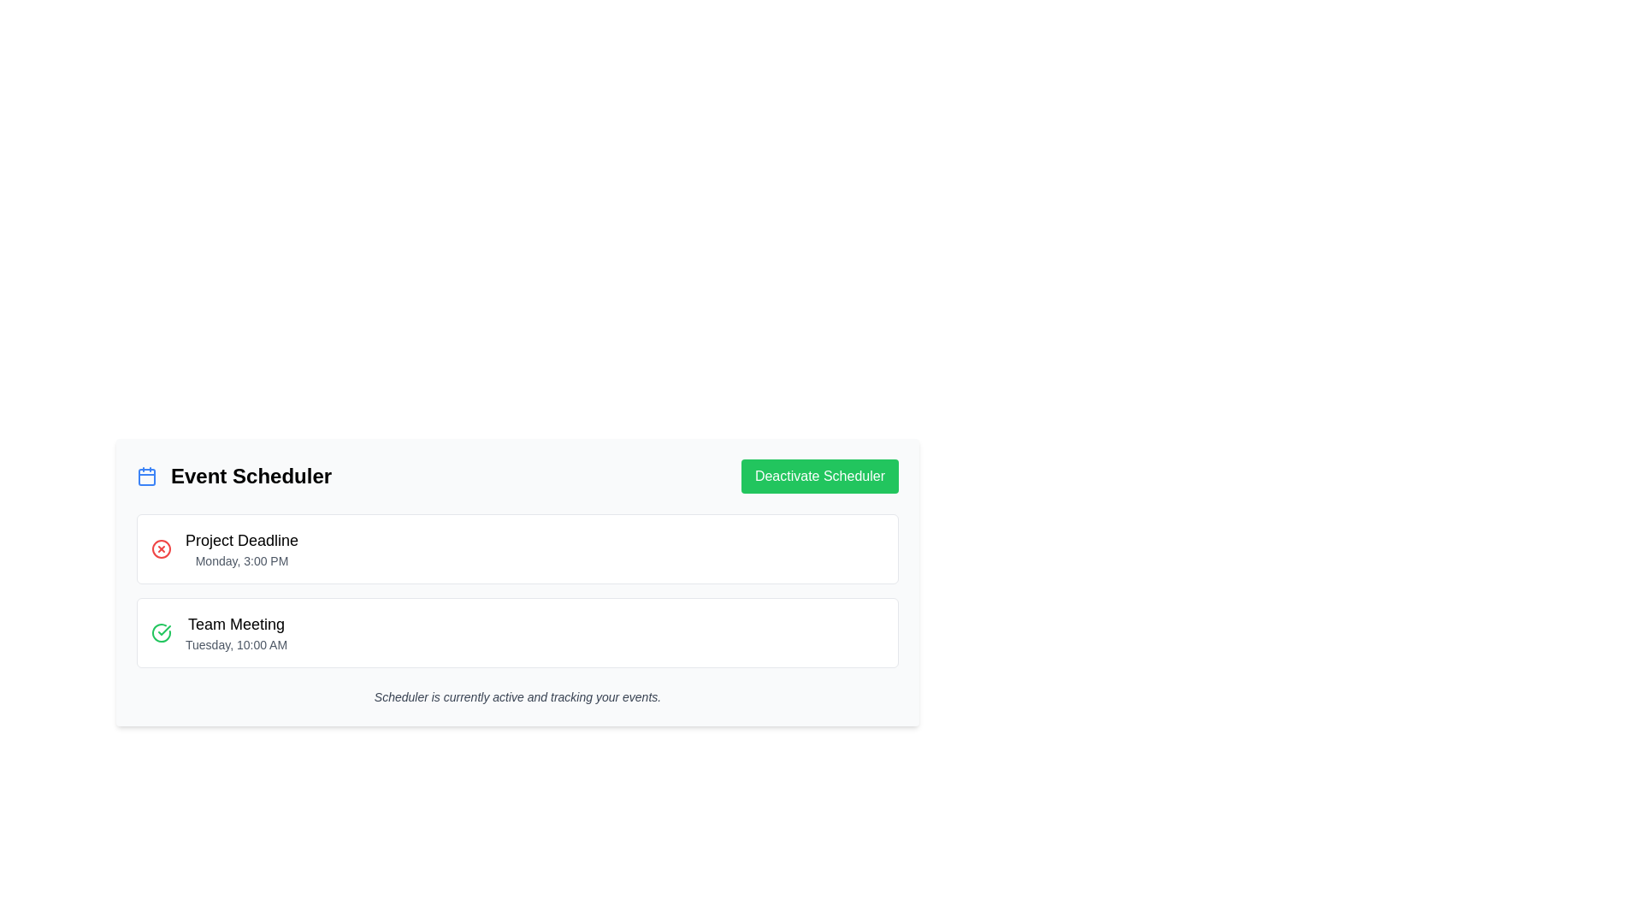 The image size is (1642, 924). Describe the element at coordinates (161, 633) in the screenshot. I see `the circular icon with a green outline and checkmark inside it, located in the second event card labeled 'Team Meeting', positioned to the left side of the text content` at that location.